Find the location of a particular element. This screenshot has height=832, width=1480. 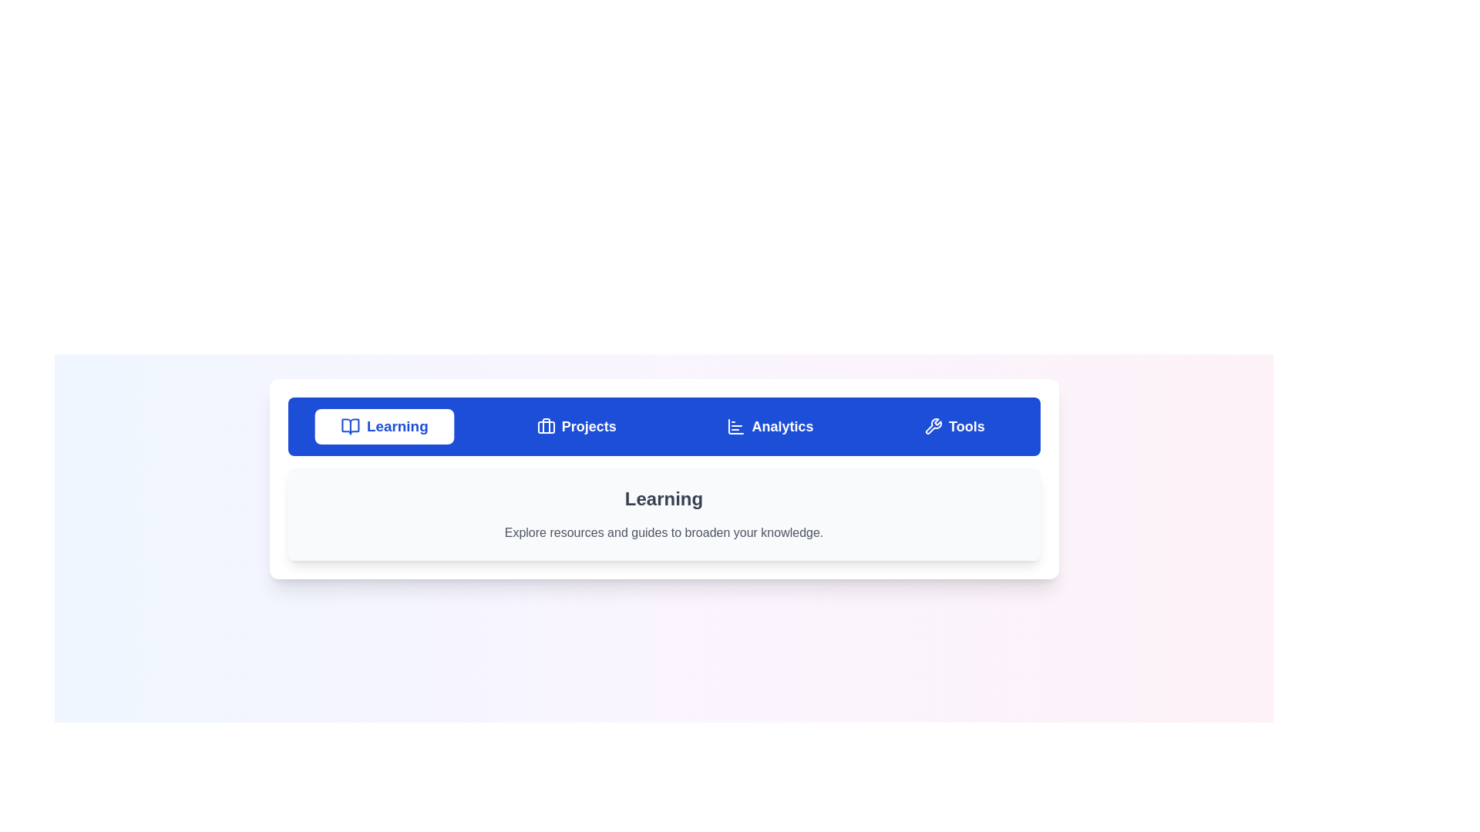

the second button in the blue navigation bar, which is positioned between the 'Learning' and 'Analytics' buttons, to observe its hover effects is located at coordinates (576, 427).